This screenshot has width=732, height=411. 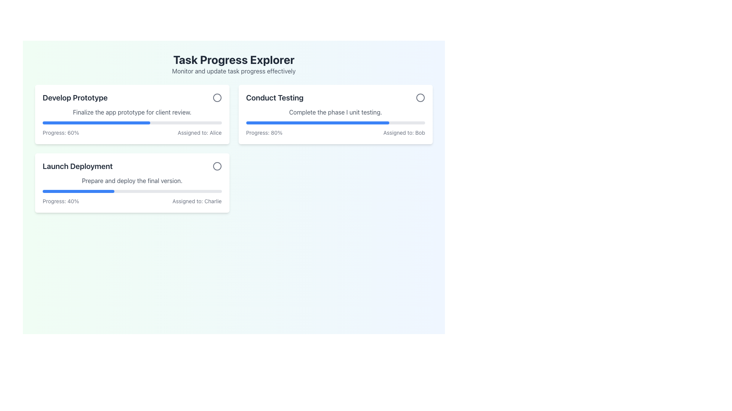 I want to click on the filled portion of the blue progress bar within the gray bar in the task progress section of the card titled 'Conduct Testing.', so click(x=318, y=123).